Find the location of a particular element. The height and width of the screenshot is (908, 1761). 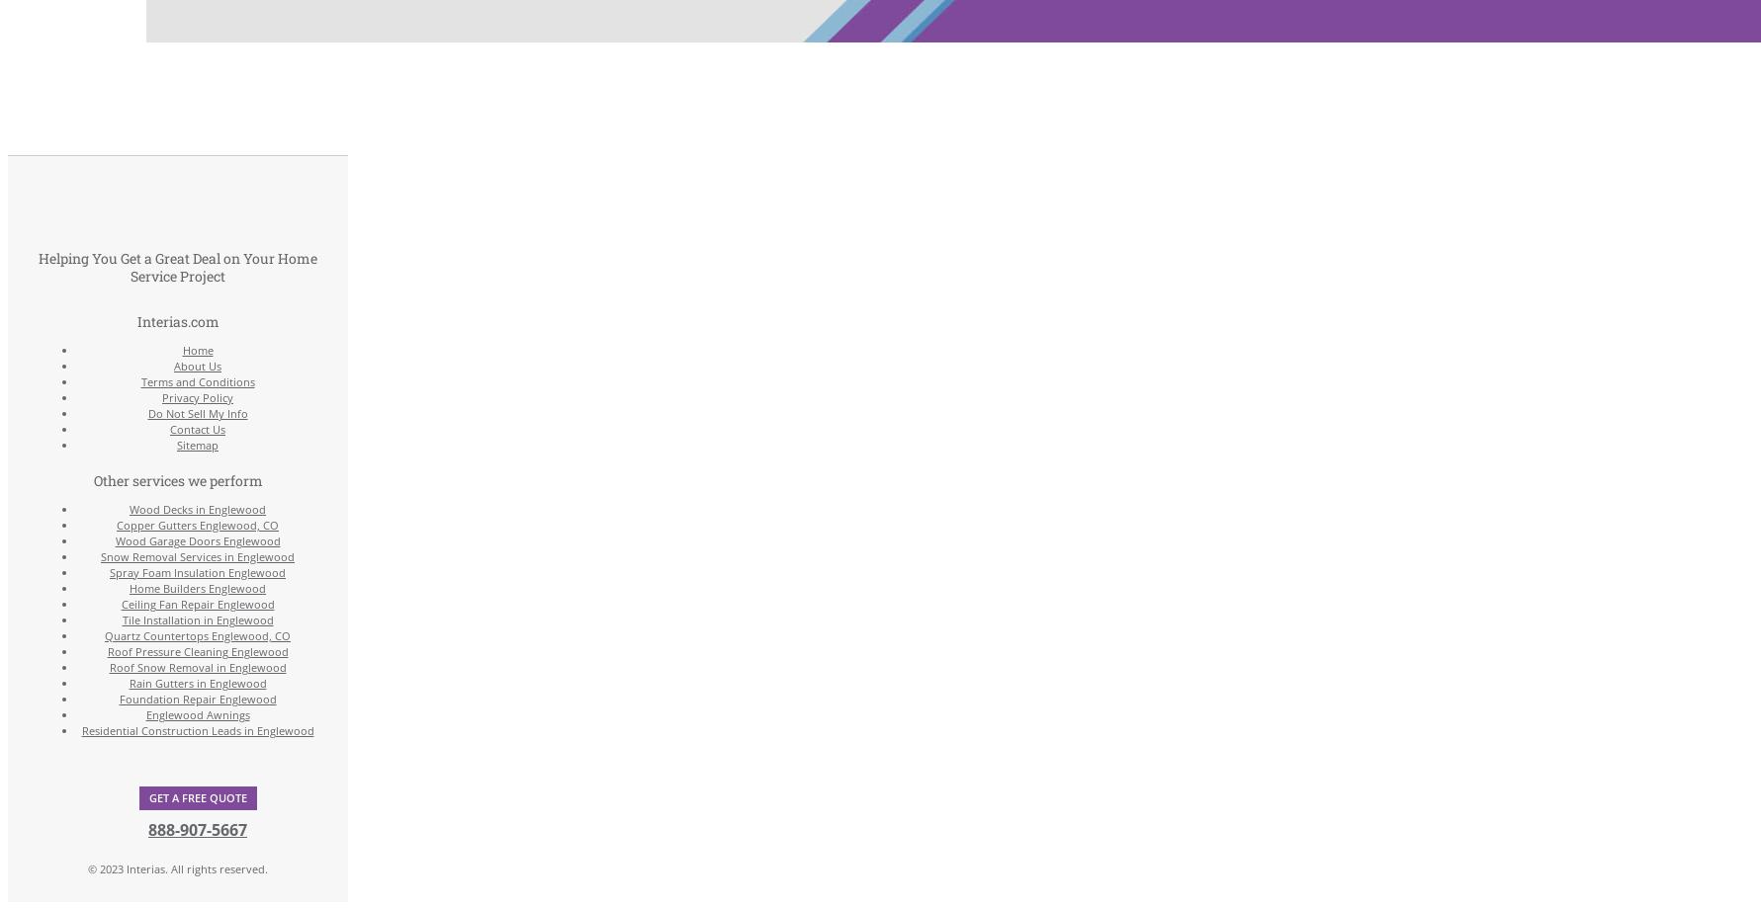

'About Us' is located at coordinates (198, 366).